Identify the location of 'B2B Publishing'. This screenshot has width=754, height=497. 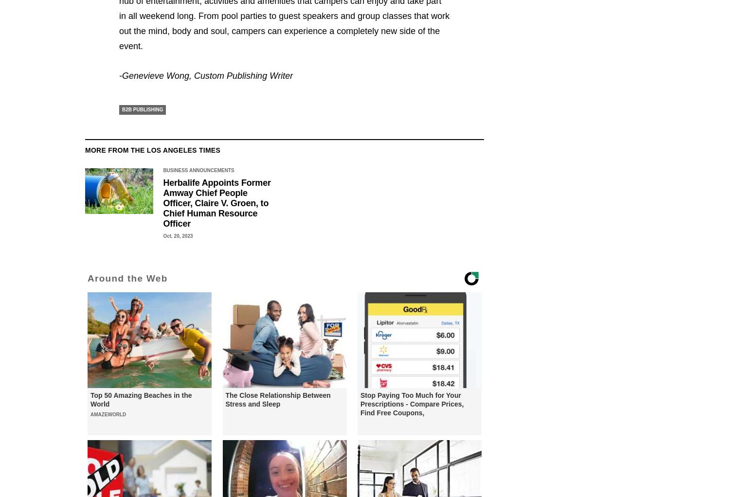
(122, 109).